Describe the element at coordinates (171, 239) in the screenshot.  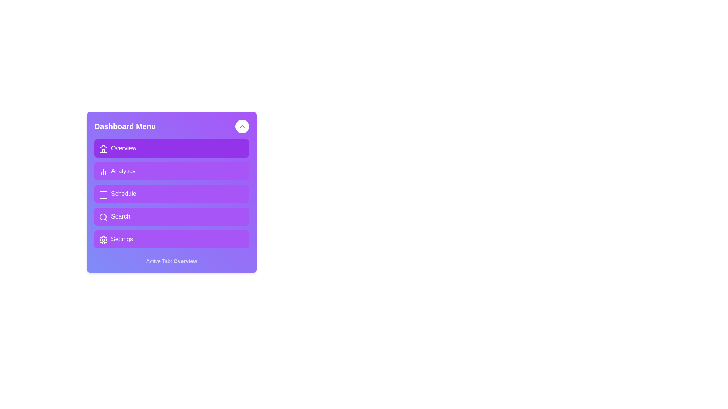
I see `the navigational button located at the bottom of the vertical menu list` at that location.